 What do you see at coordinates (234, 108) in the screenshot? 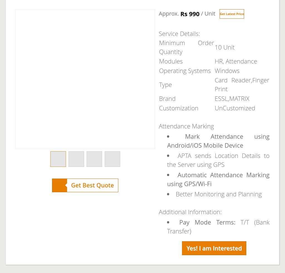
I see `'UnCustomized'` at bounding box center [234, 108].